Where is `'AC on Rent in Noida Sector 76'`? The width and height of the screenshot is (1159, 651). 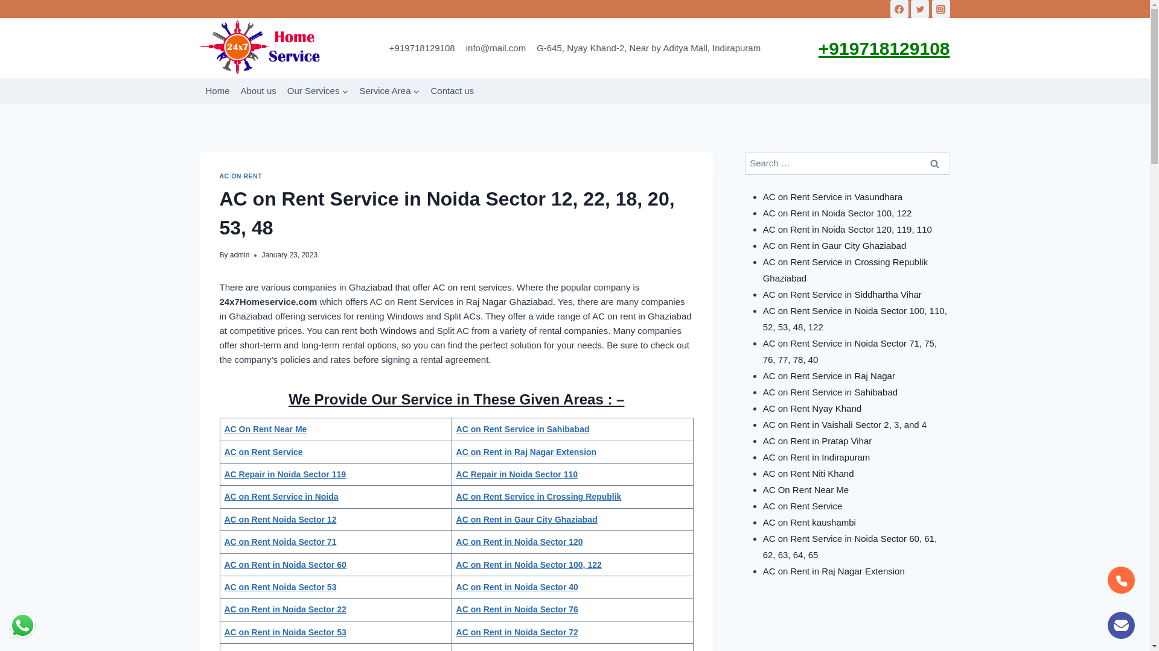
'AC on Rent in Noida Sector 76' is located at coordinates (517, 609).